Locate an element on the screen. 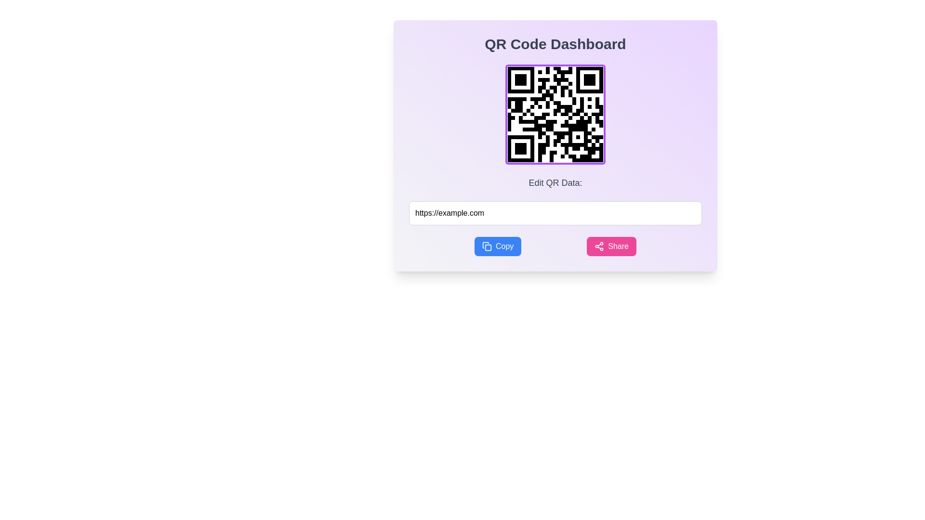 The width and height of the screenshot is (925, 520). the leftmost button in the button group below the text input field to copy content is located at coordinates (498, 246).